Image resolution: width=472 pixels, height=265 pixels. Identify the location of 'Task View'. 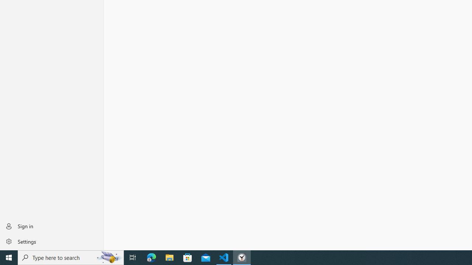
(132, 257).